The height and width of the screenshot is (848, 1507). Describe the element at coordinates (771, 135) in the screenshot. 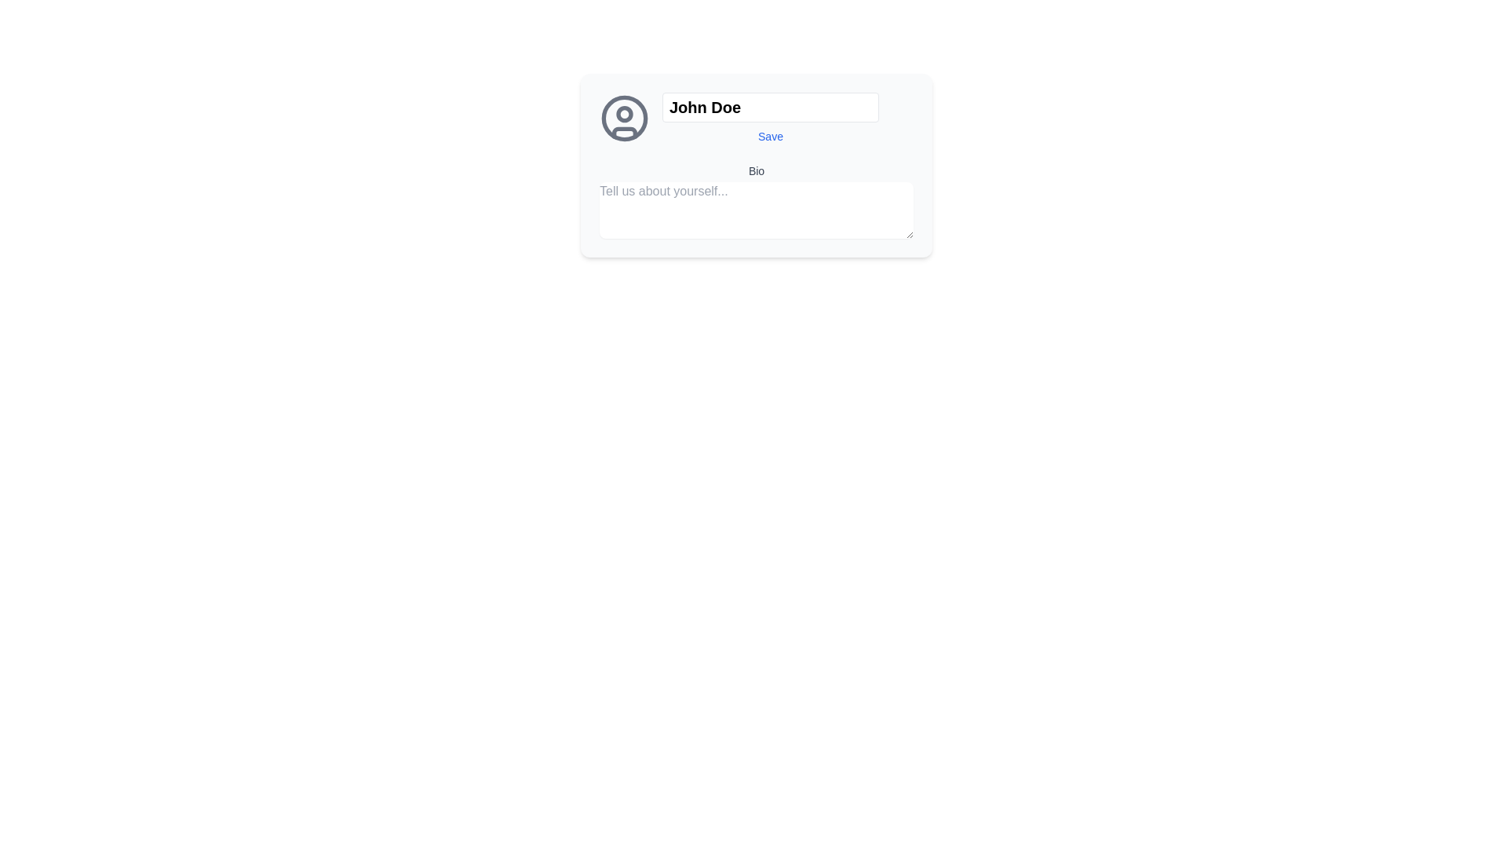

I see `the interactive text link styled in blue with the text 'Save' located below the input field for 'John Doe'` at that location.